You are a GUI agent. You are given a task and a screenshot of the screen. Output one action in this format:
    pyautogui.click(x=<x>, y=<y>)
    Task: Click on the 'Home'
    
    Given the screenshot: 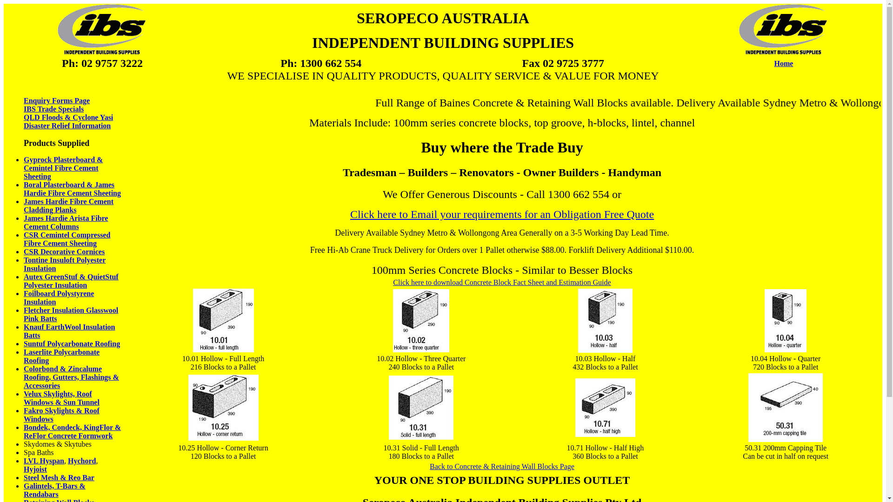 What is the action you would take?
    pyautogui.click(x=783, y=63)
    